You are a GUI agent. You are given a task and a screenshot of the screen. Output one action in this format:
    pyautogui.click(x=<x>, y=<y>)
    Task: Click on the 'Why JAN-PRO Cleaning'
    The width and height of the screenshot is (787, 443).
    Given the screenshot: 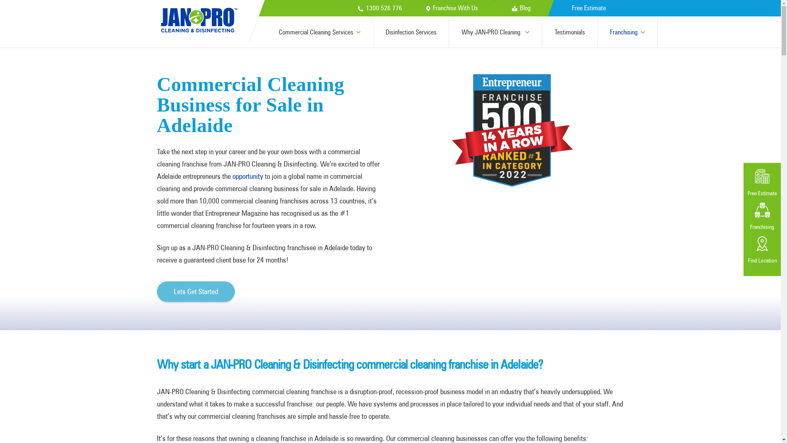 What is the action you would take?
    pyautogui.click(x=495, y=32)
    